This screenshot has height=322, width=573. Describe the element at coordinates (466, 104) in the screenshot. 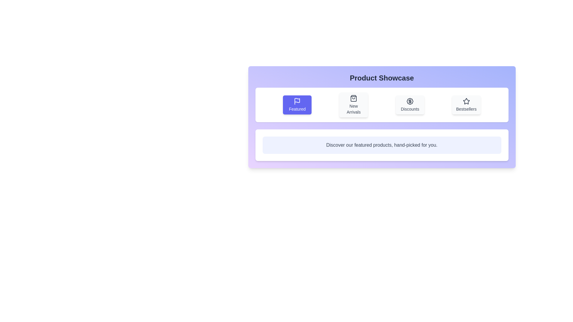

I see `the rectangular button labeled 'Bestsellers' with a star icon, located in the 'Product Showcase' section to activate visual feedback` at that location.